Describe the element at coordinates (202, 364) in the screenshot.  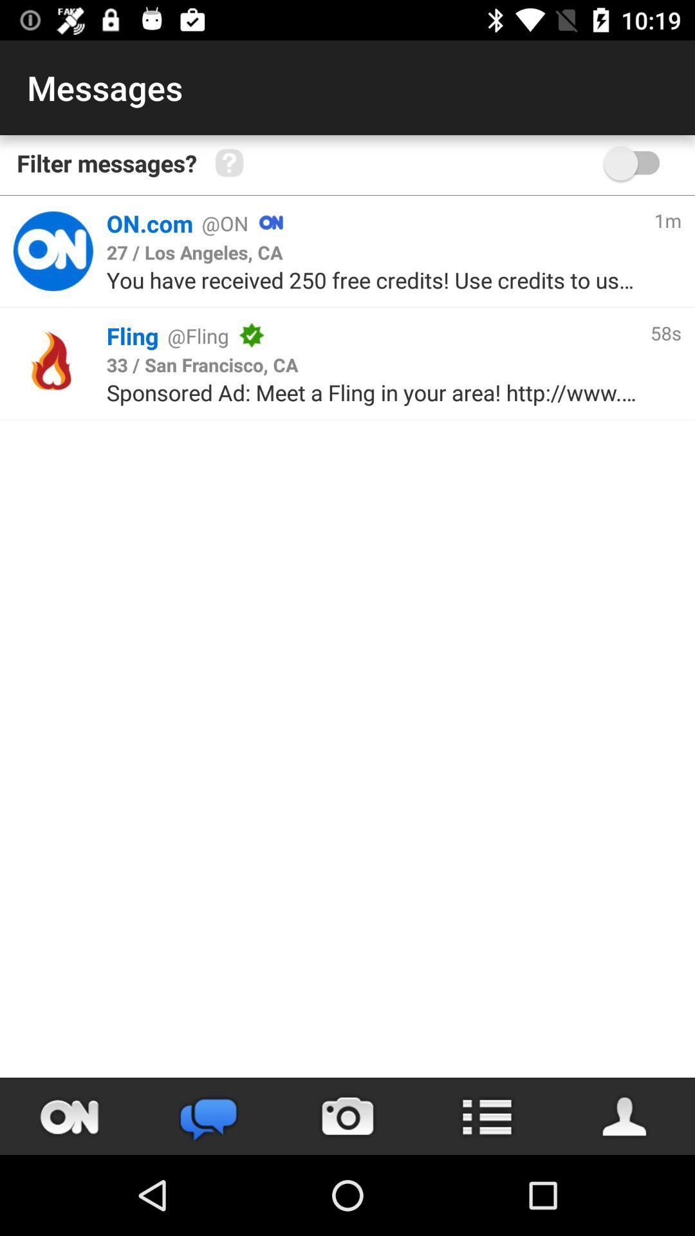
I see `item next to the 58s icon` at that location.